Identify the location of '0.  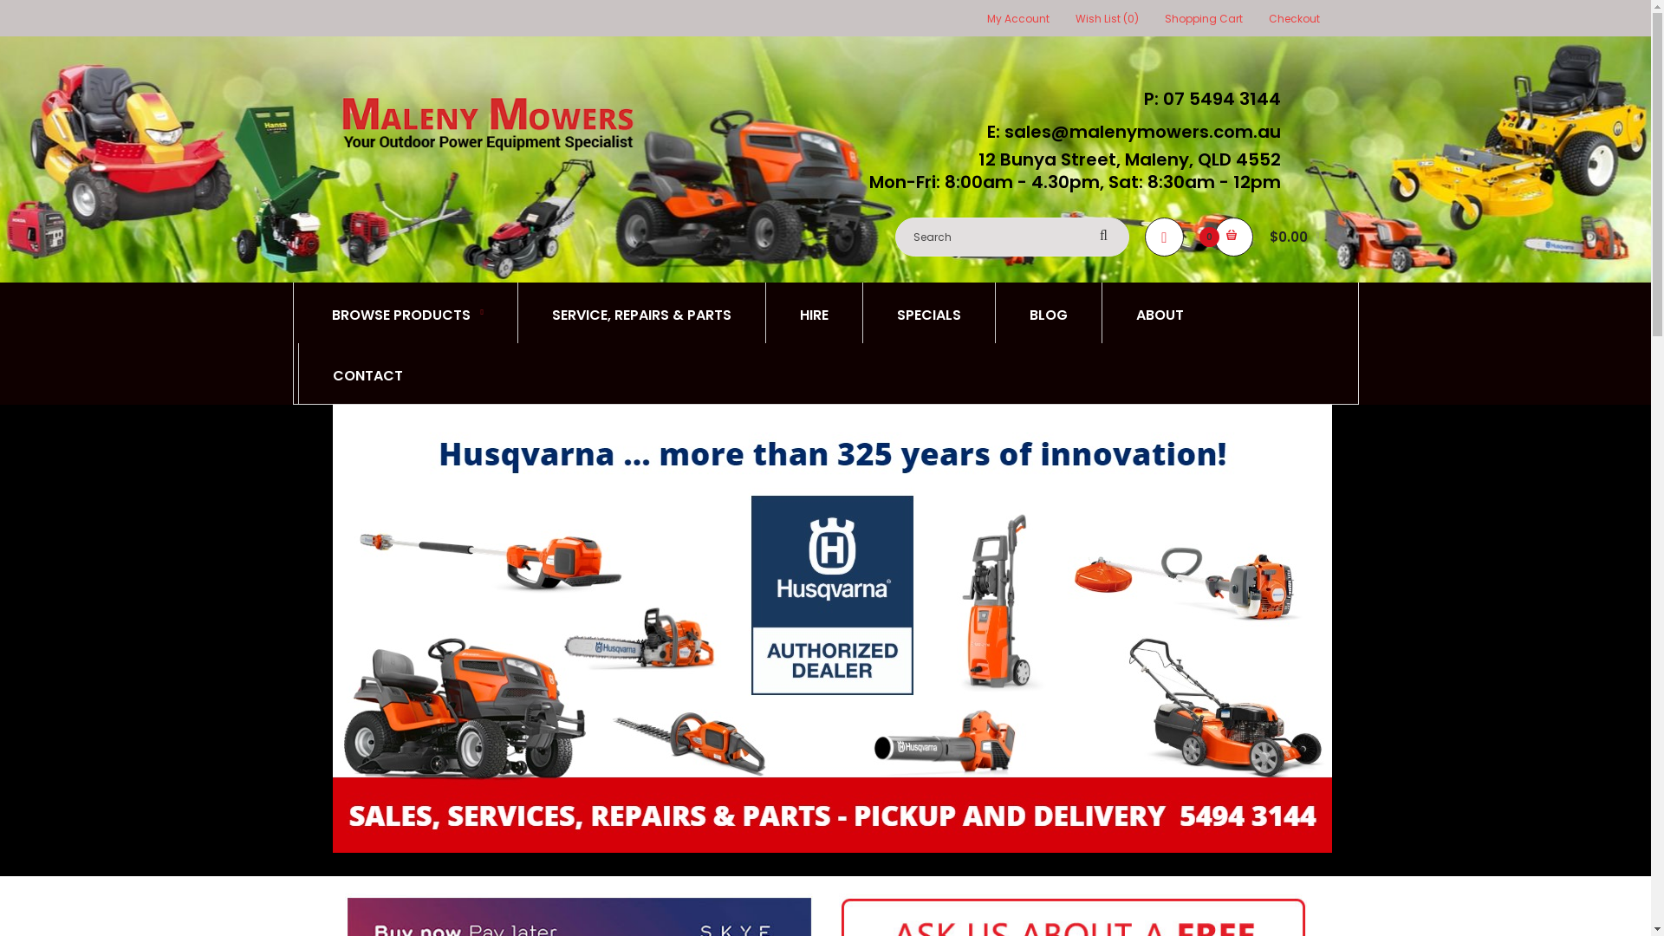
(1267, 237).